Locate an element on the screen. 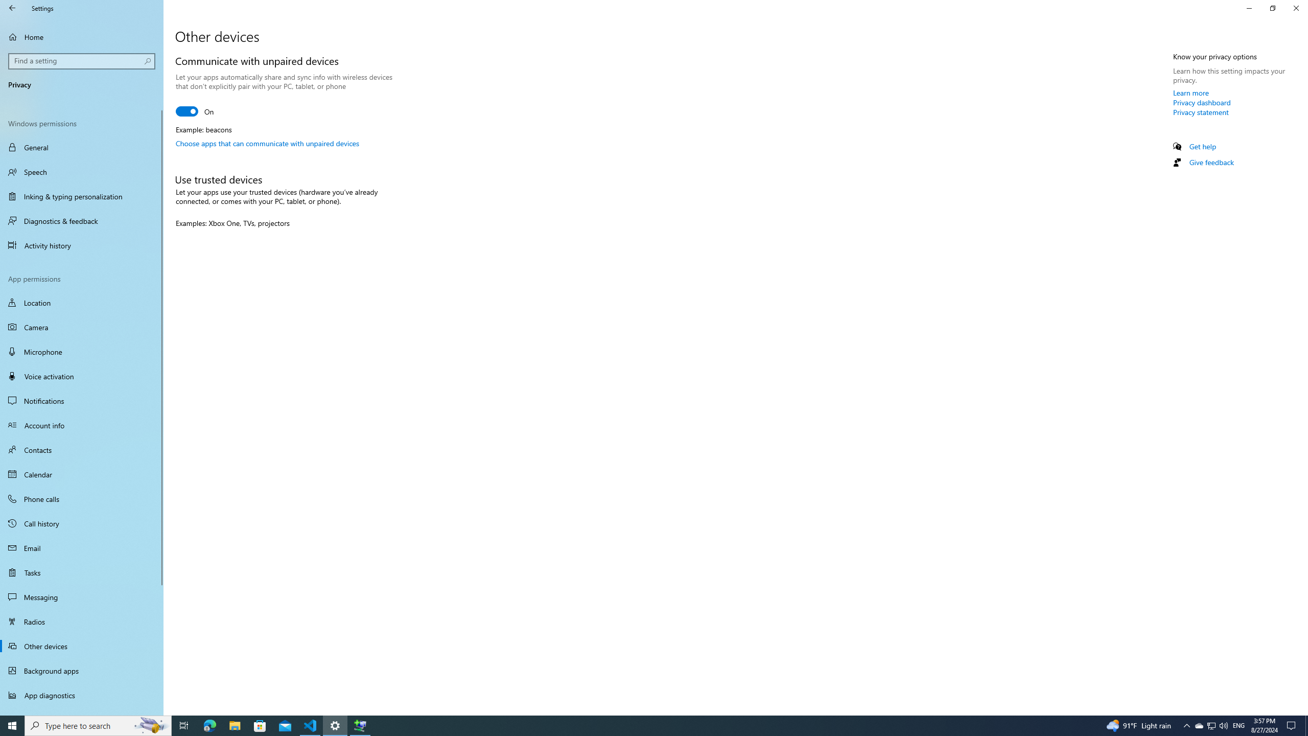 The image size is (1308, 736). 'App diagnostics' is located at coordinates (81, 695).